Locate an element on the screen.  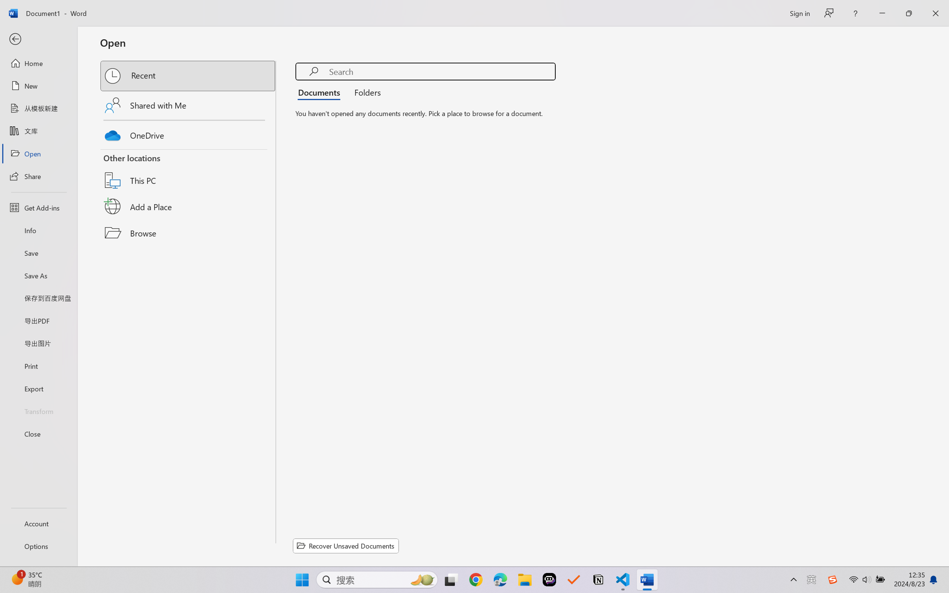
'Documents' is located at coordinates (321, 91).